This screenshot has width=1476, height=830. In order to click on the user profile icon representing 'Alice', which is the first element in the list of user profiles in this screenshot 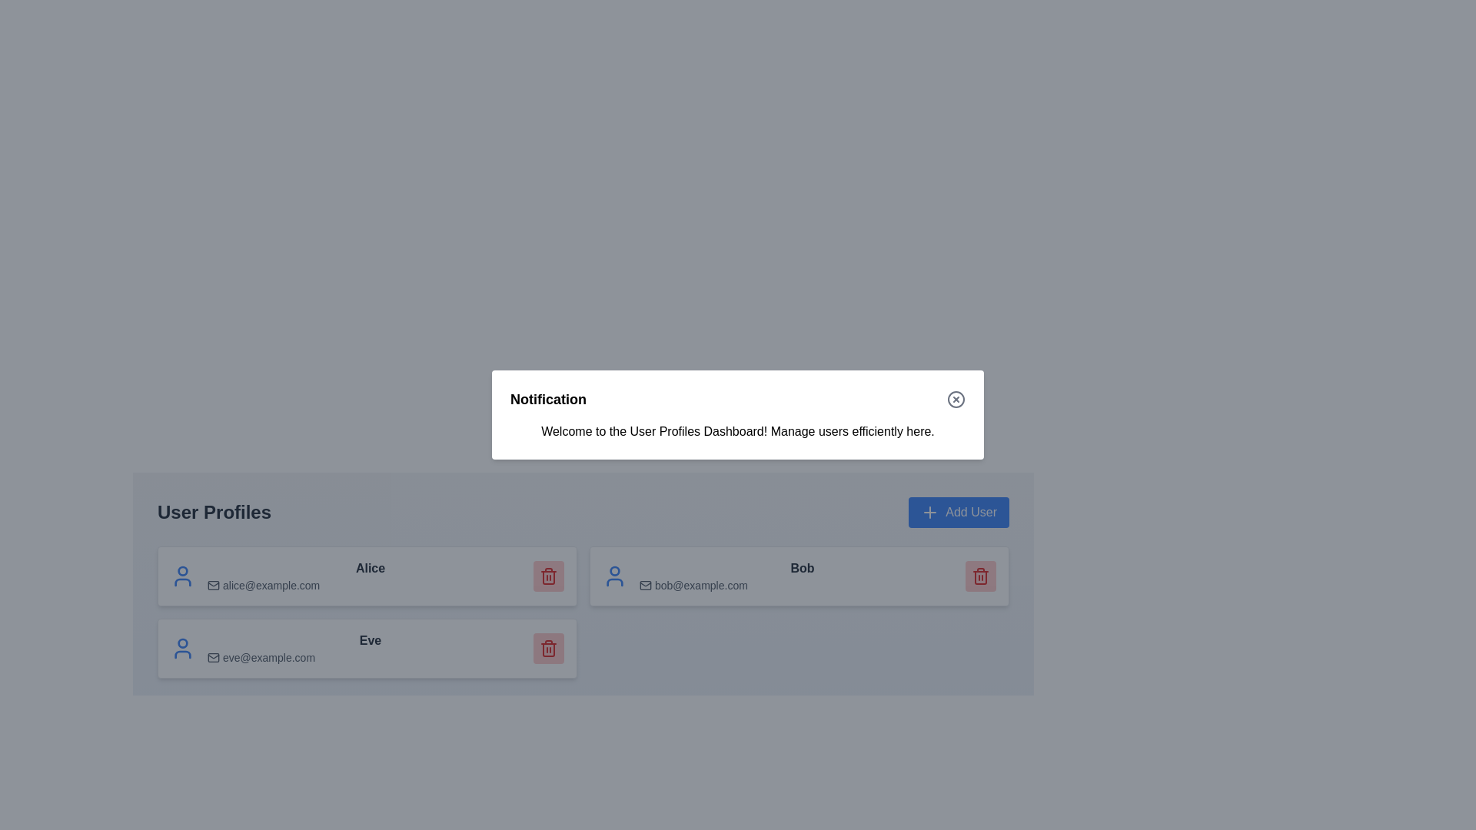, I will do `click(183, 576)`.